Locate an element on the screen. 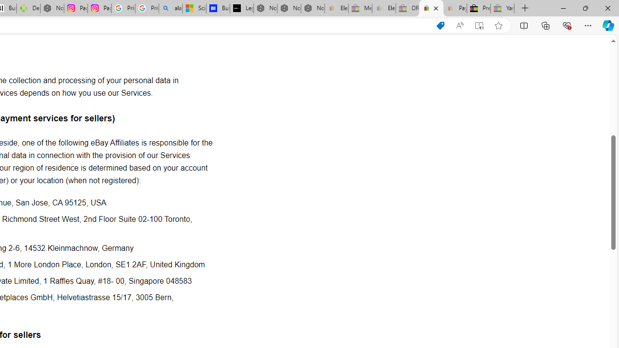 Image resolution: width=619 pixels, height=348 pixels. 'User Privacy Notice | eBay' is located at coordinates (431, 8).